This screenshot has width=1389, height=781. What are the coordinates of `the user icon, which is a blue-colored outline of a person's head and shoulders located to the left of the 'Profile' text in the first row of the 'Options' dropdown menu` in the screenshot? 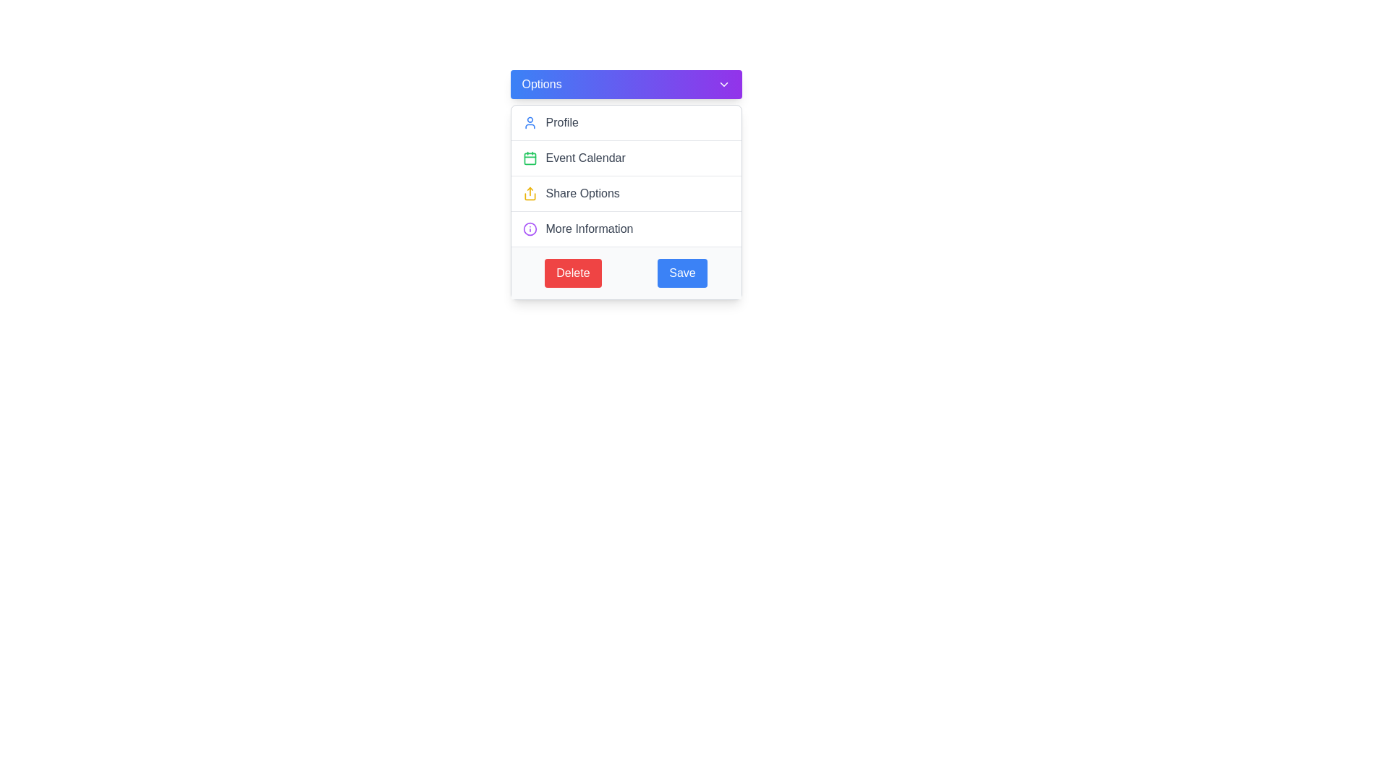 It's located at (529, 121).